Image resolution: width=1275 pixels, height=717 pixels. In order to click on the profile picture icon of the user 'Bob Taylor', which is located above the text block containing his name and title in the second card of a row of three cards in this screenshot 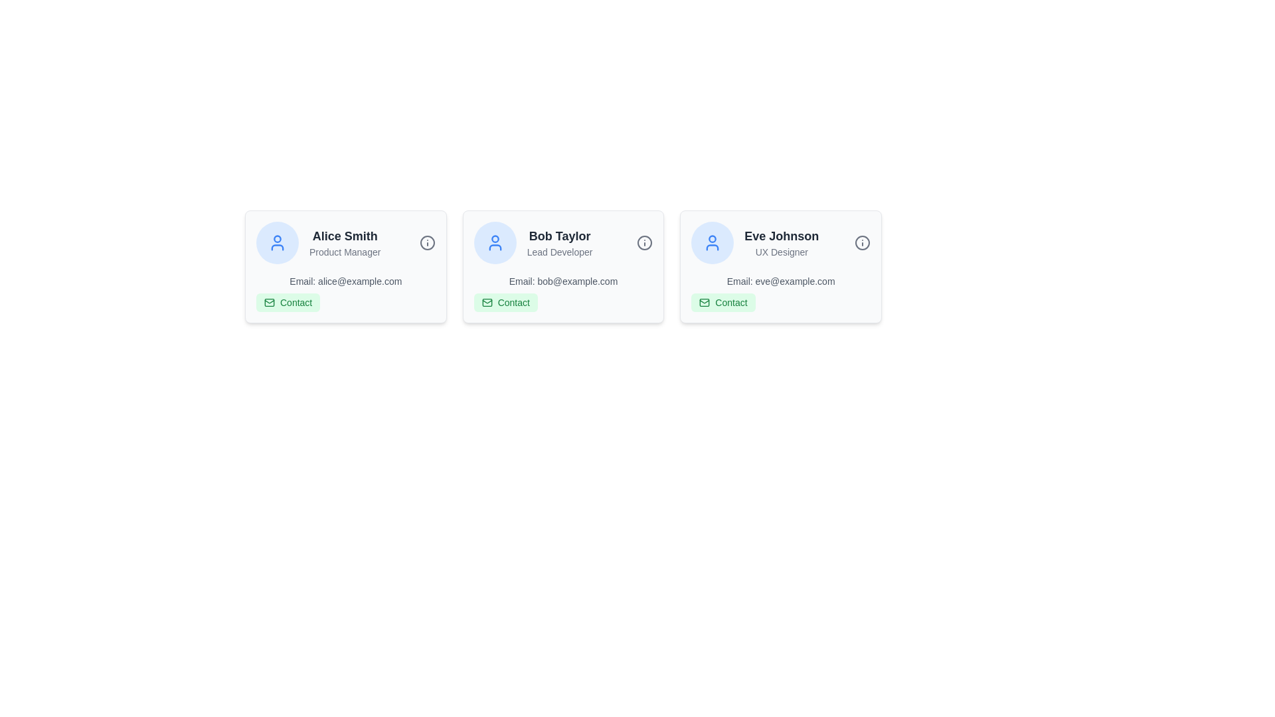, I will do `click(494, 243)`.